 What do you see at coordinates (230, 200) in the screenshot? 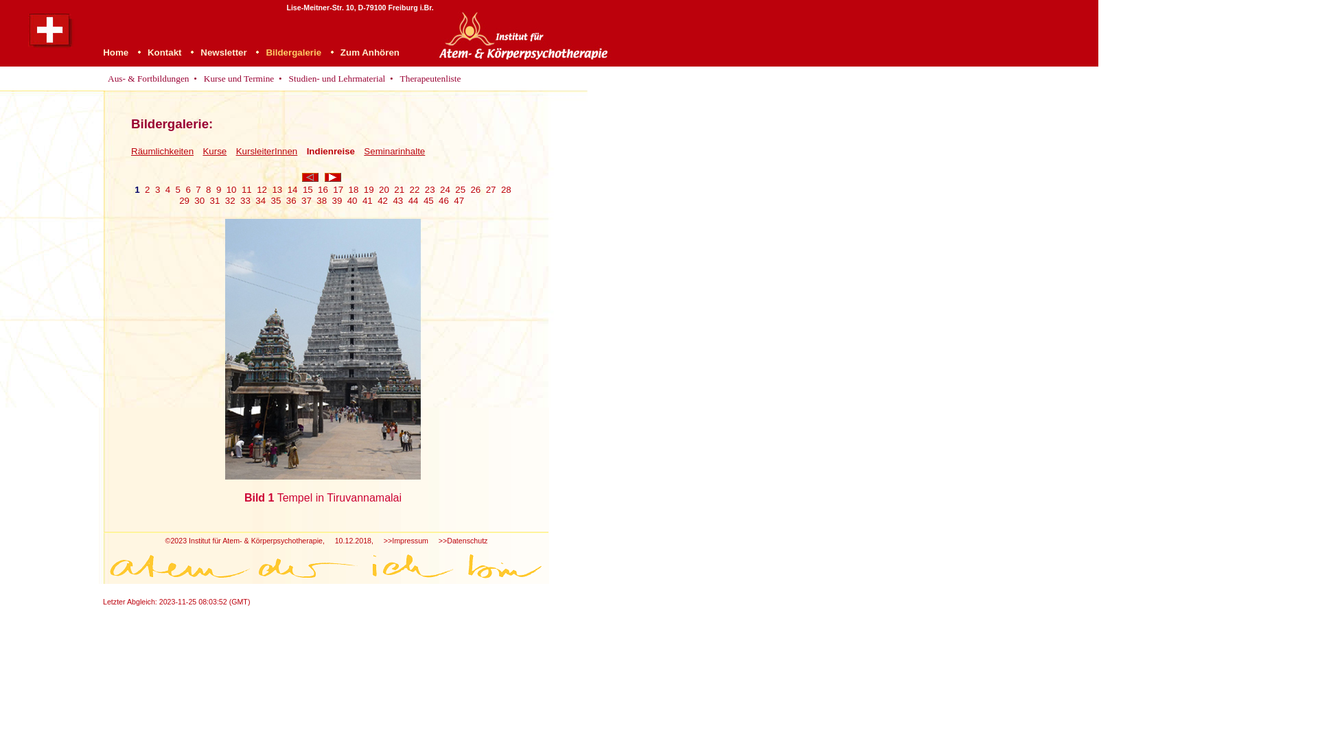
I see `'32'` at bounding box center [230, 200].